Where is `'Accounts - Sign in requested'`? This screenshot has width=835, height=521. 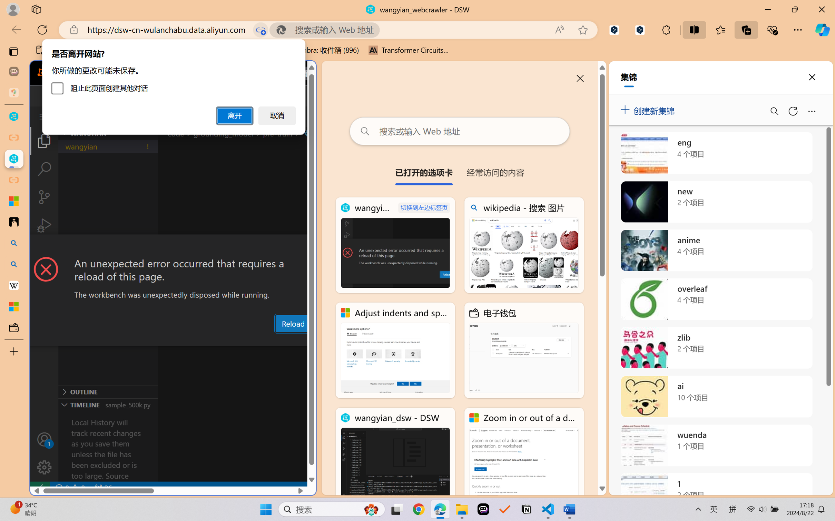
'Accounts - Sign in requested' is located at coordinates (44, 439).